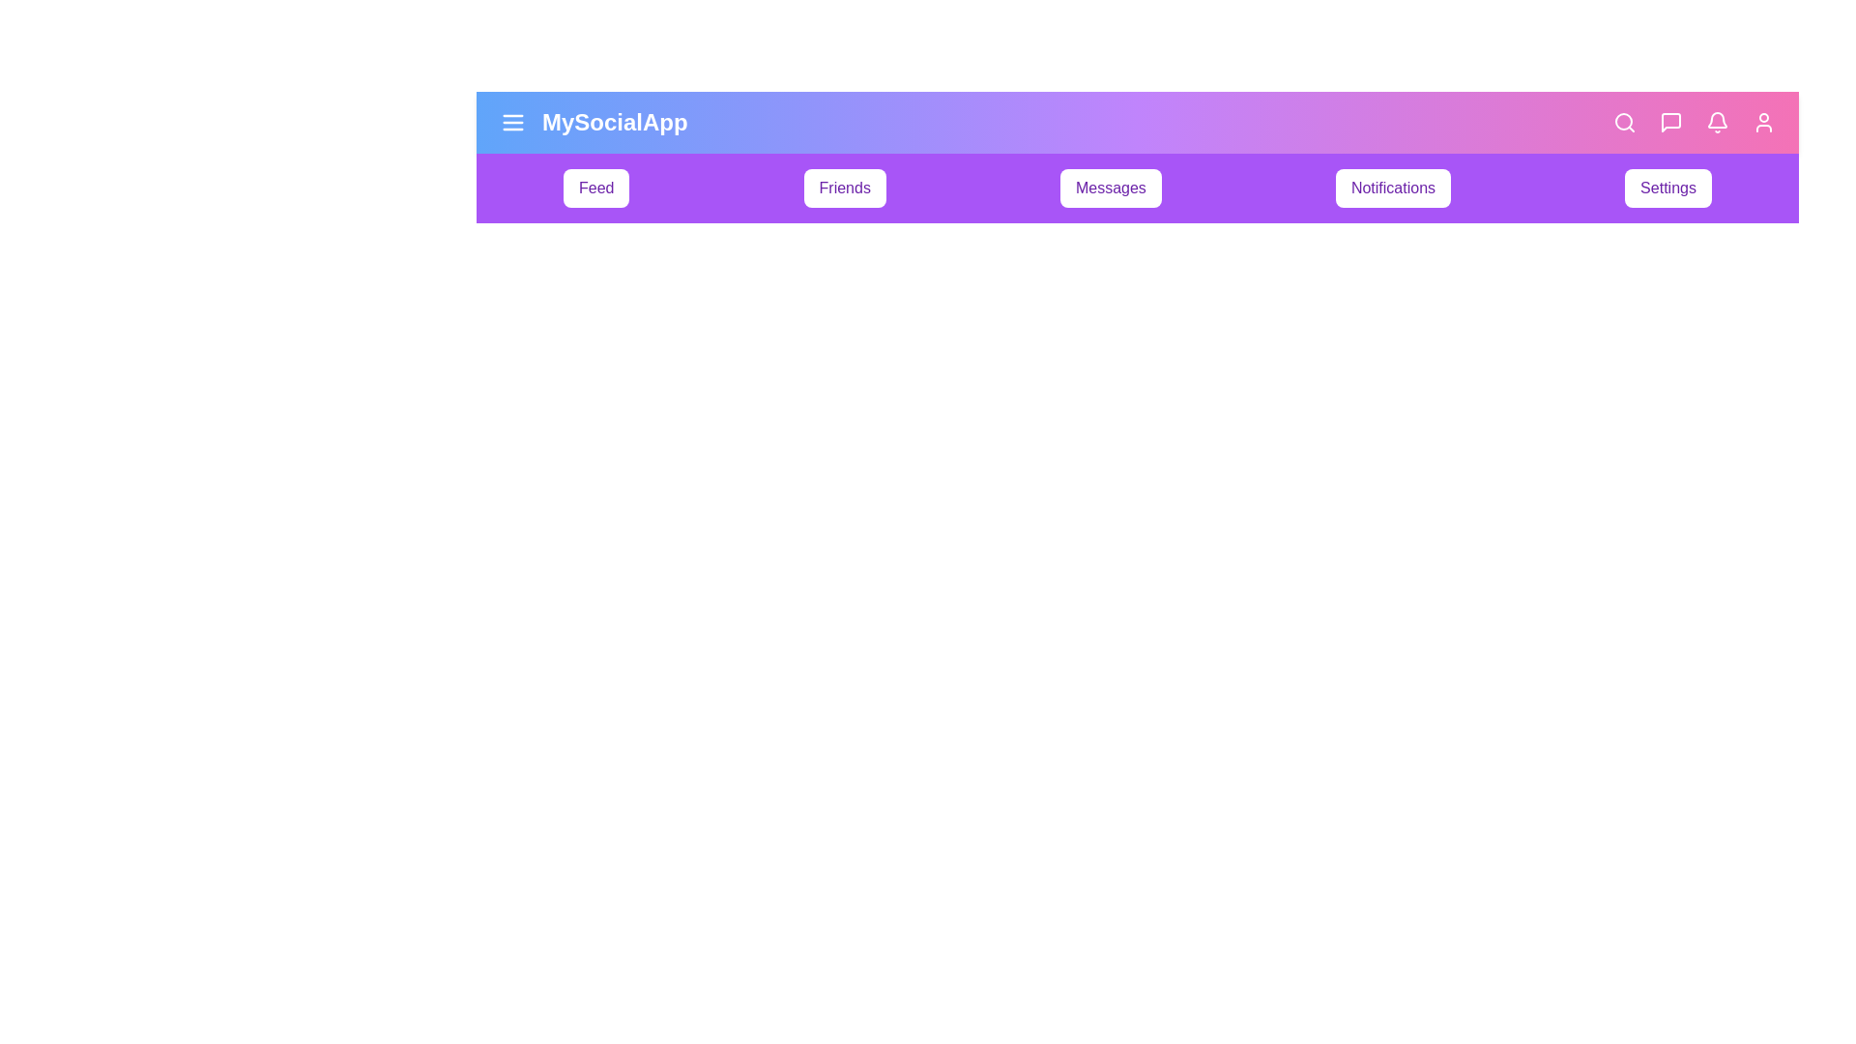 The height and width of the screenshot is (1044, 1856). I want to click on the notifications navigation icon, so click(1717, 123).